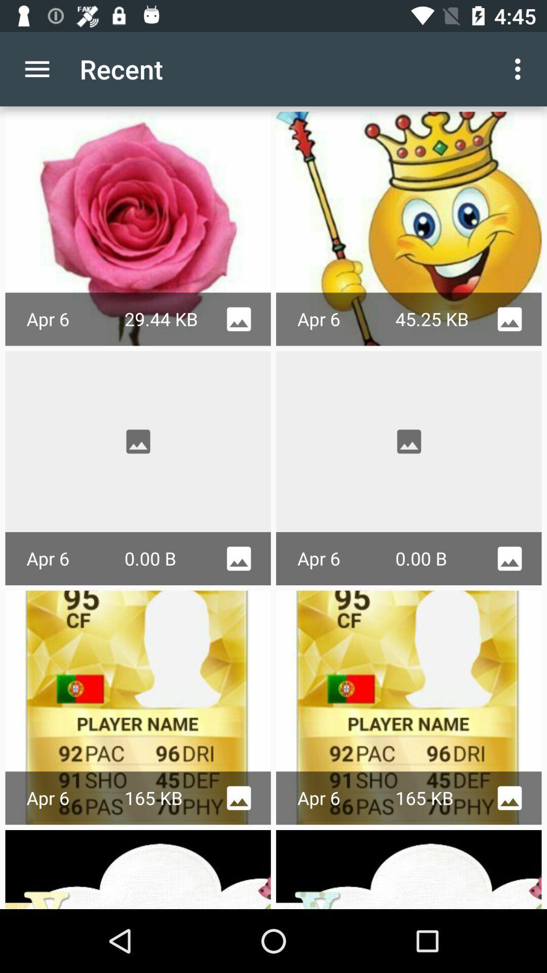 The height and width of the screenshot is (973, 547). What do you see at coordinates (408, 228) in the screenshot?
I see `the image with the smiley` at bounding box center [408, 228].